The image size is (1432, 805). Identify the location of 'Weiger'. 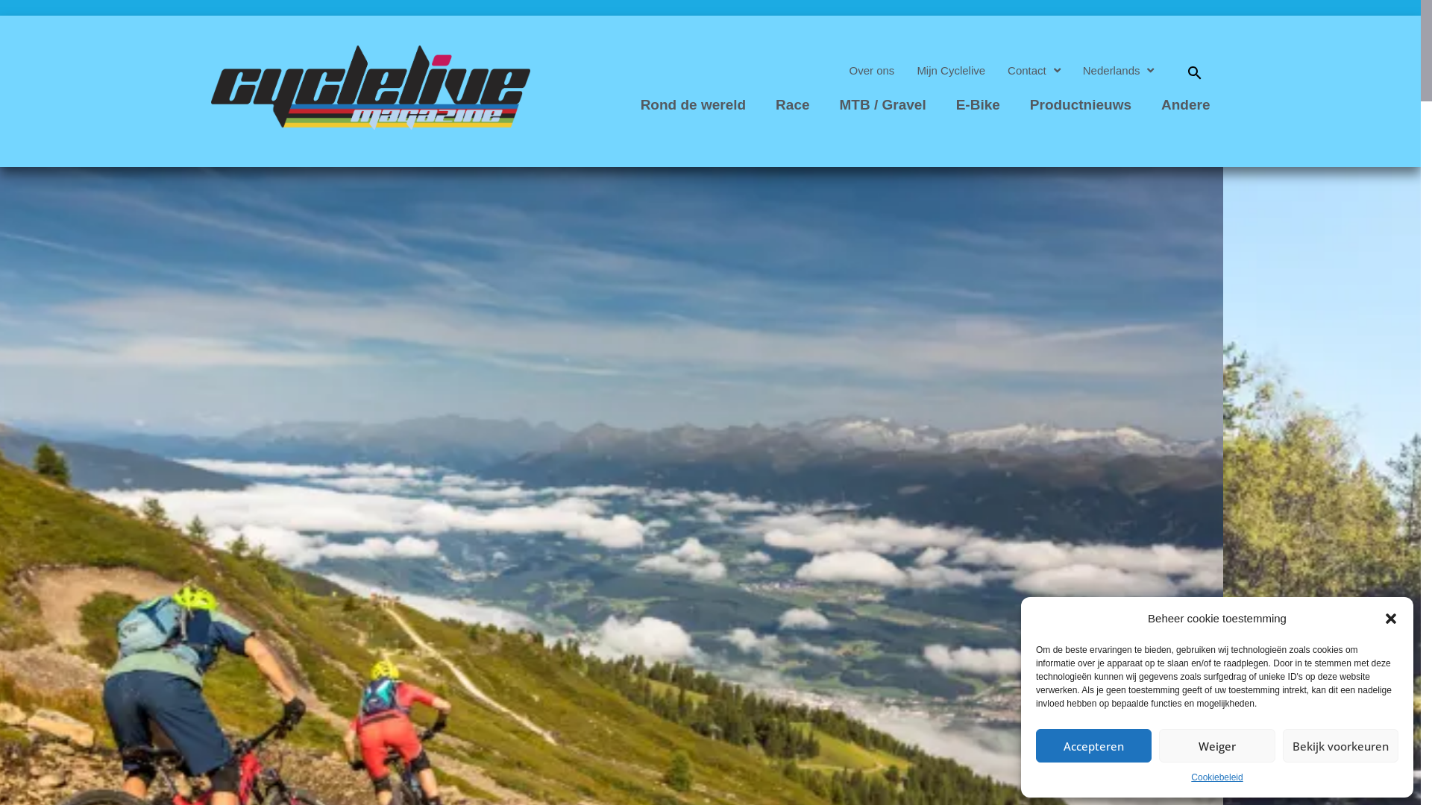
(1216, 745).